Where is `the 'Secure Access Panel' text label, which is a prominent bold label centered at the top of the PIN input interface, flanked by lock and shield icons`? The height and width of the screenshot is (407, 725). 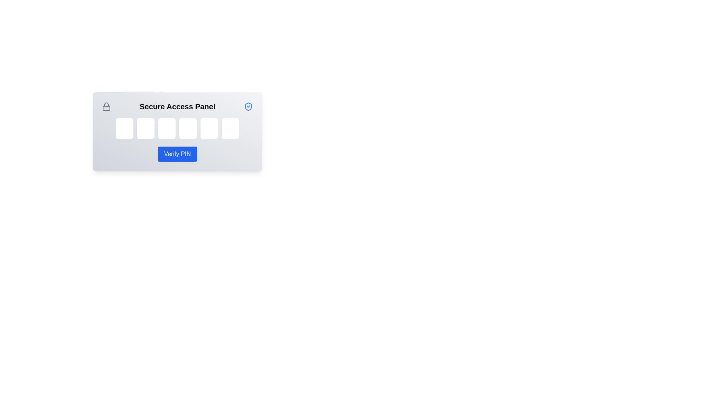 the 'Secure Access Panel' text label, which is a prominent bold label centered at the top of the PIN input interface, flanked by lock and shield icons is located at coordinates (177, 106).